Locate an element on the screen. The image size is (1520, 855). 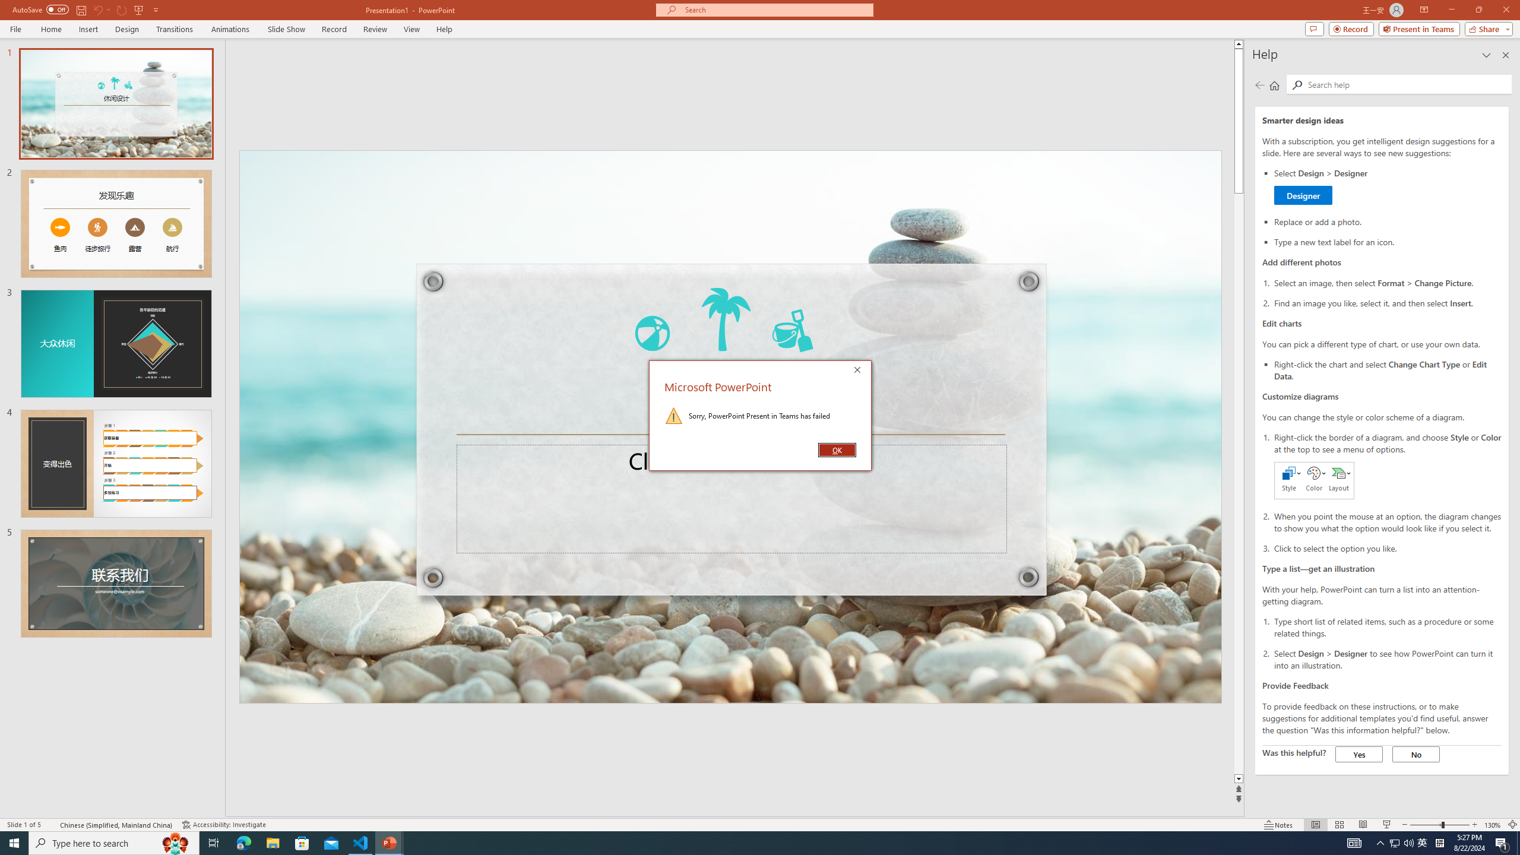
'Click to select the option you like.' is located at coordinates (1387, 547).